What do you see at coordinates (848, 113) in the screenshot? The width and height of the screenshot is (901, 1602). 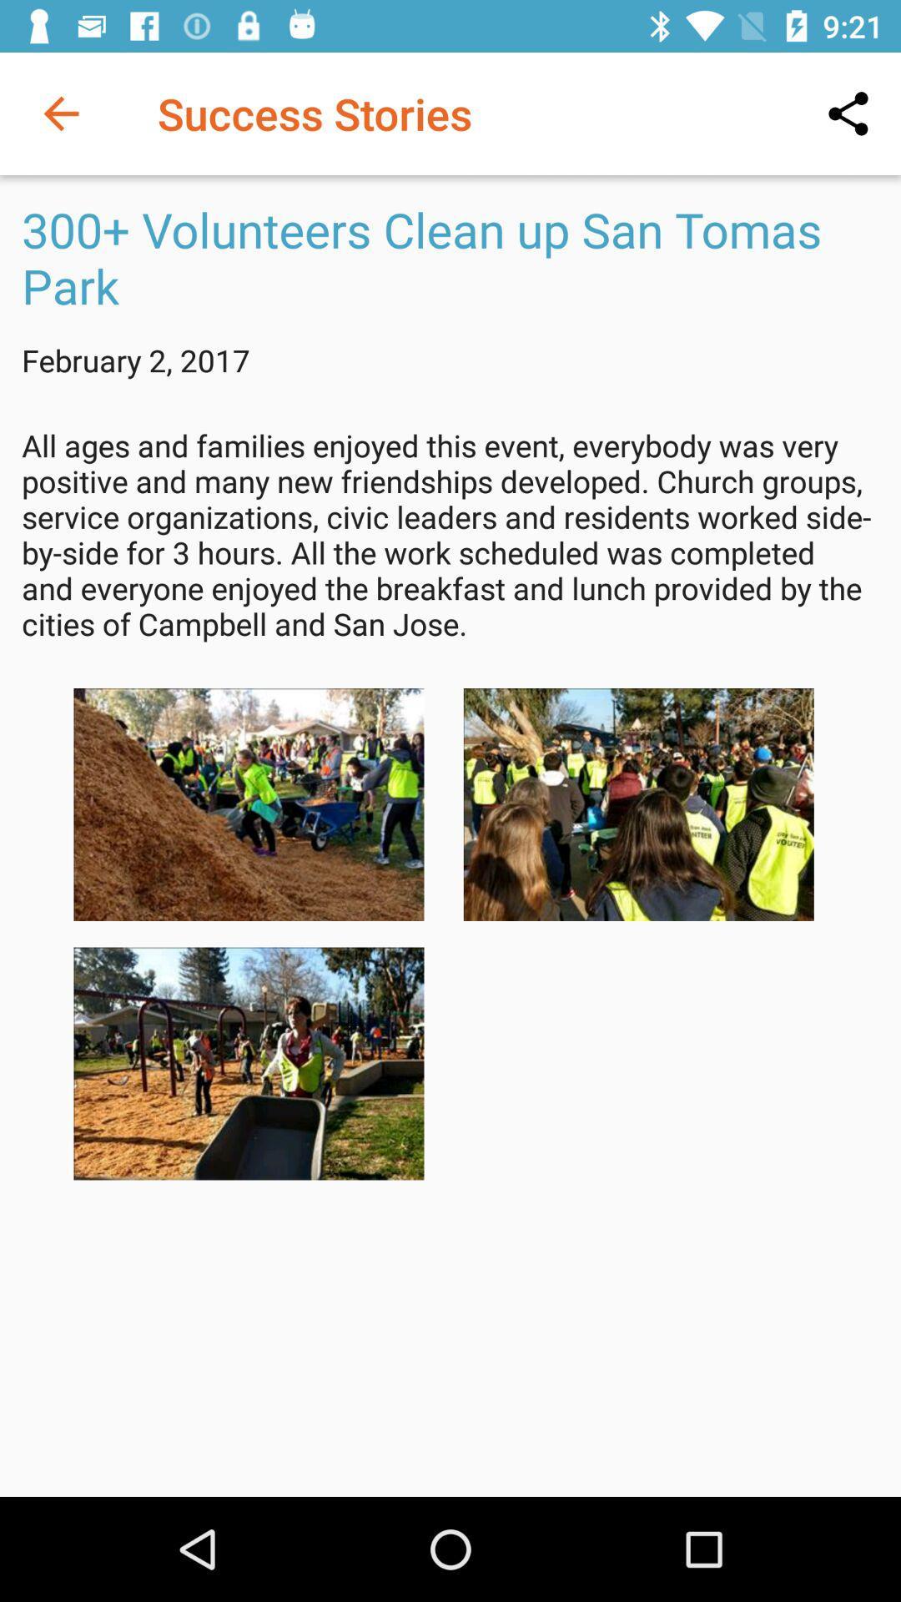 I see `the icon to the right of success stories` at bounding box center [848, 113].